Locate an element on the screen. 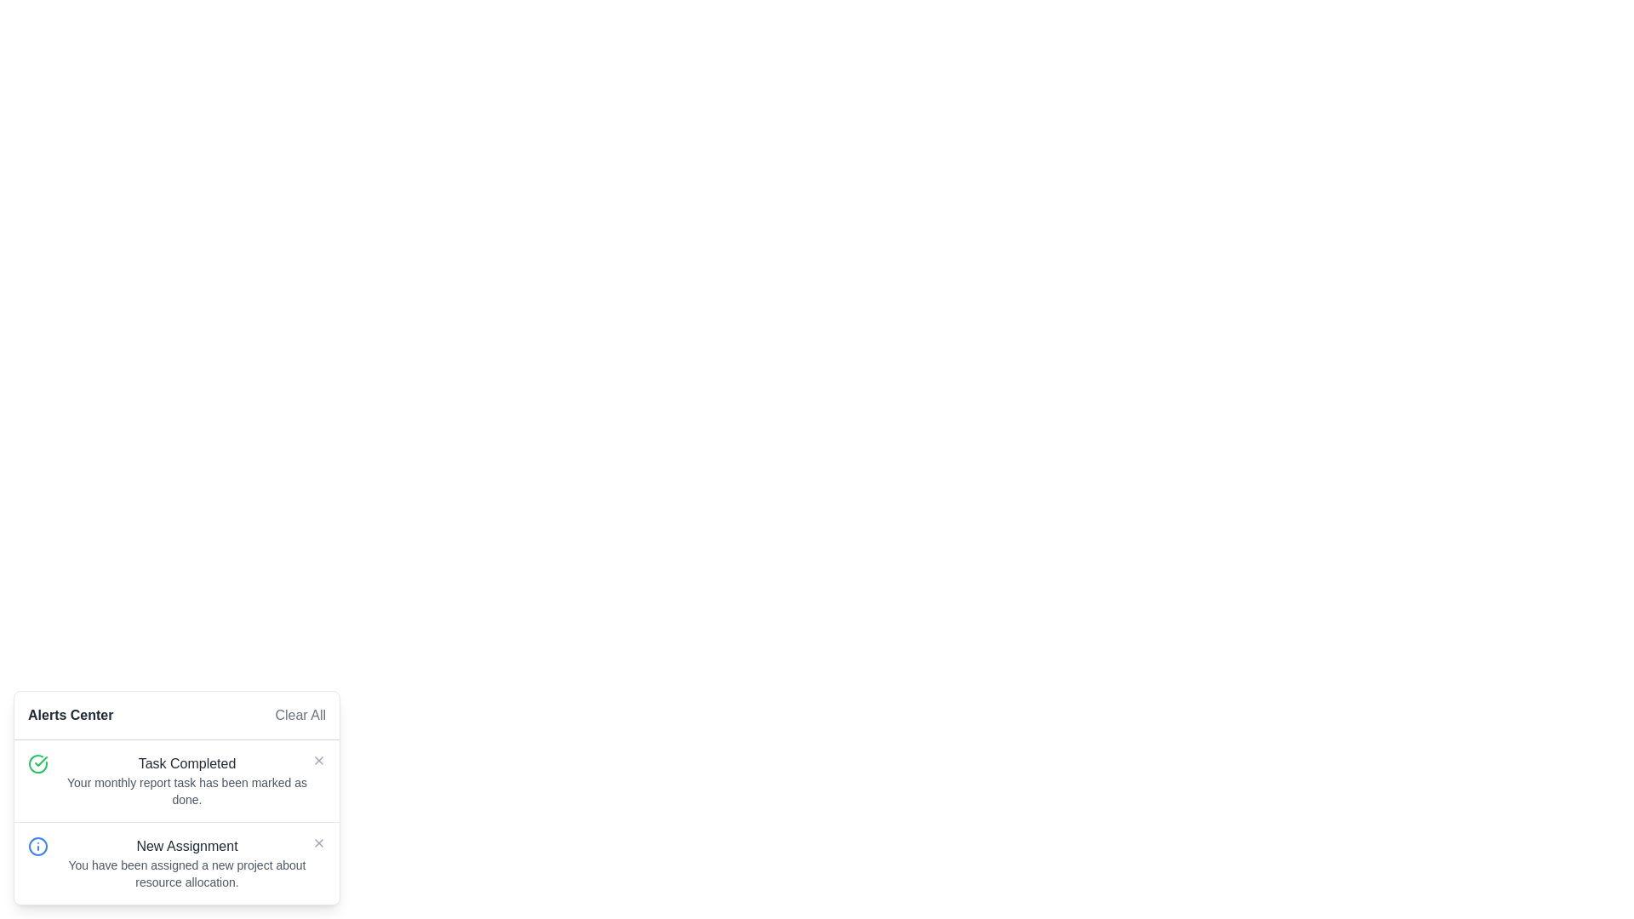 This screenshot has width=1634, height=919. the hyperlink positioned to the right of the 'Alerts Center' element is located at coordinates (300, 715).